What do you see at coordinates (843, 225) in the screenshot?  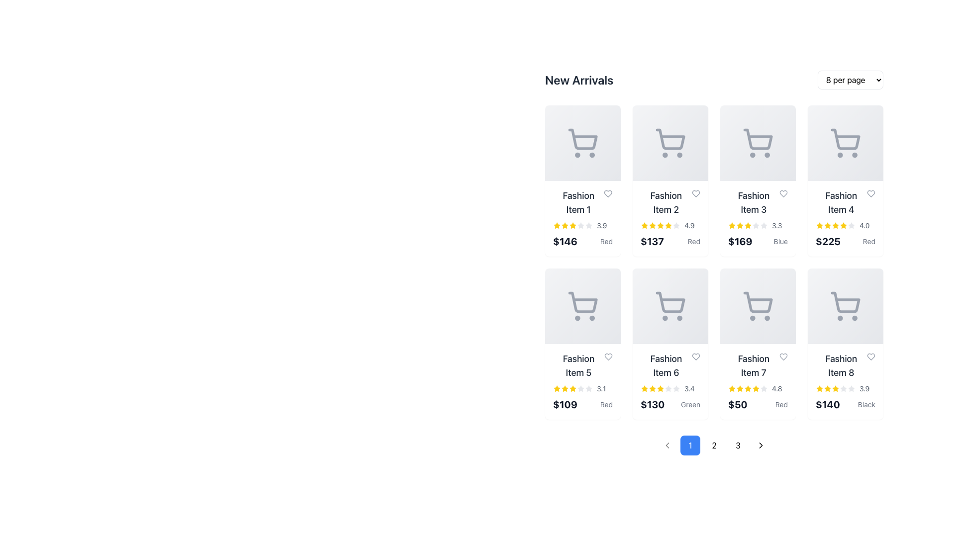 I see `the fourth star icon in the rating section of the 'Fashion Item 4' card in the 'New Arrivals' product listing, which is a filled yellow star used for ratings` at bounding box center [843, 225].